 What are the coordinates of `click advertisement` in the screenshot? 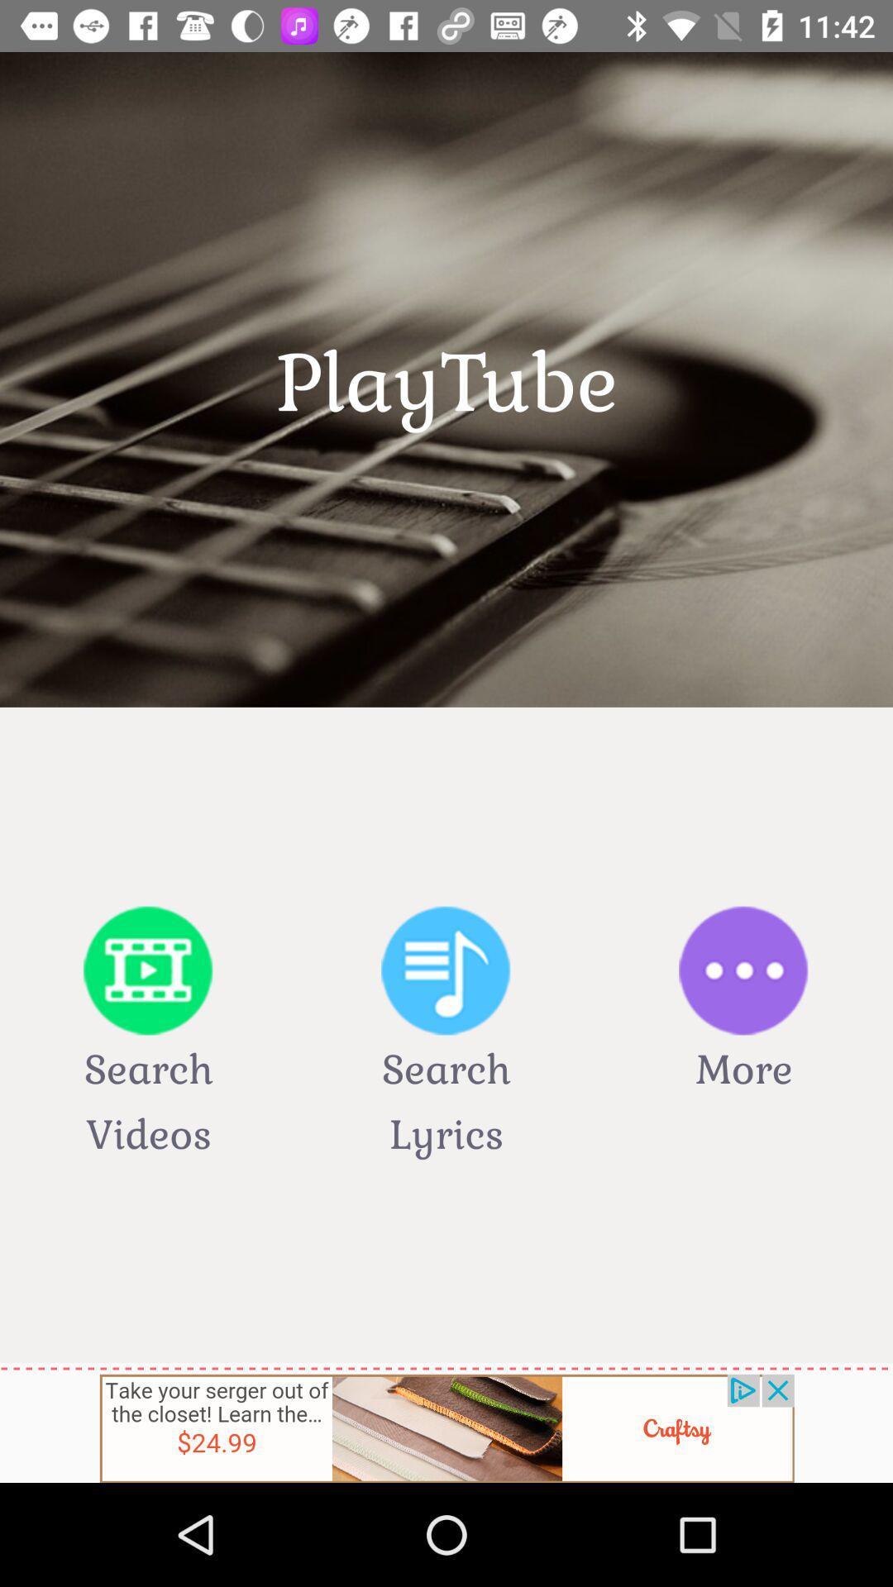 It's located at (446, 1427).